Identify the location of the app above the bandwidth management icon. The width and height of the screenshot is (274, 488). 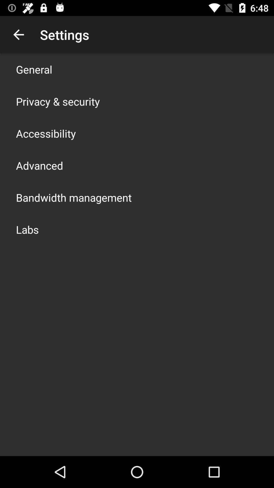
(39, 165).